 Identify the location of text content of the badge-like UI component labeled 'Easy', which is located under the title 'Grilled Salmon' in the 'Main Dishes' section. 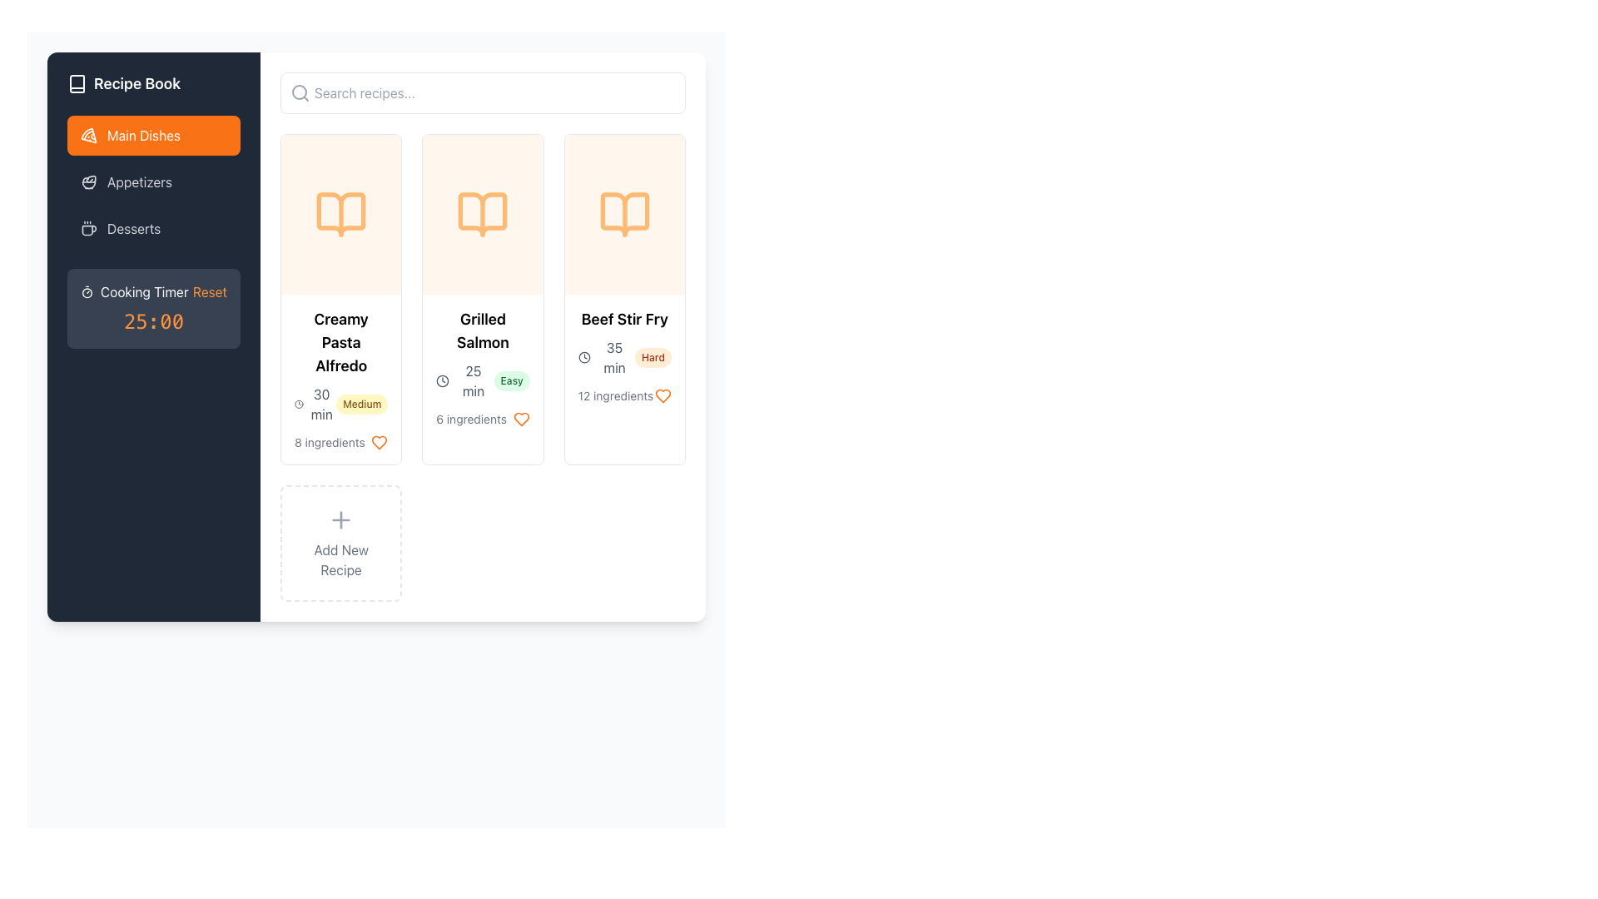
(511, 381).